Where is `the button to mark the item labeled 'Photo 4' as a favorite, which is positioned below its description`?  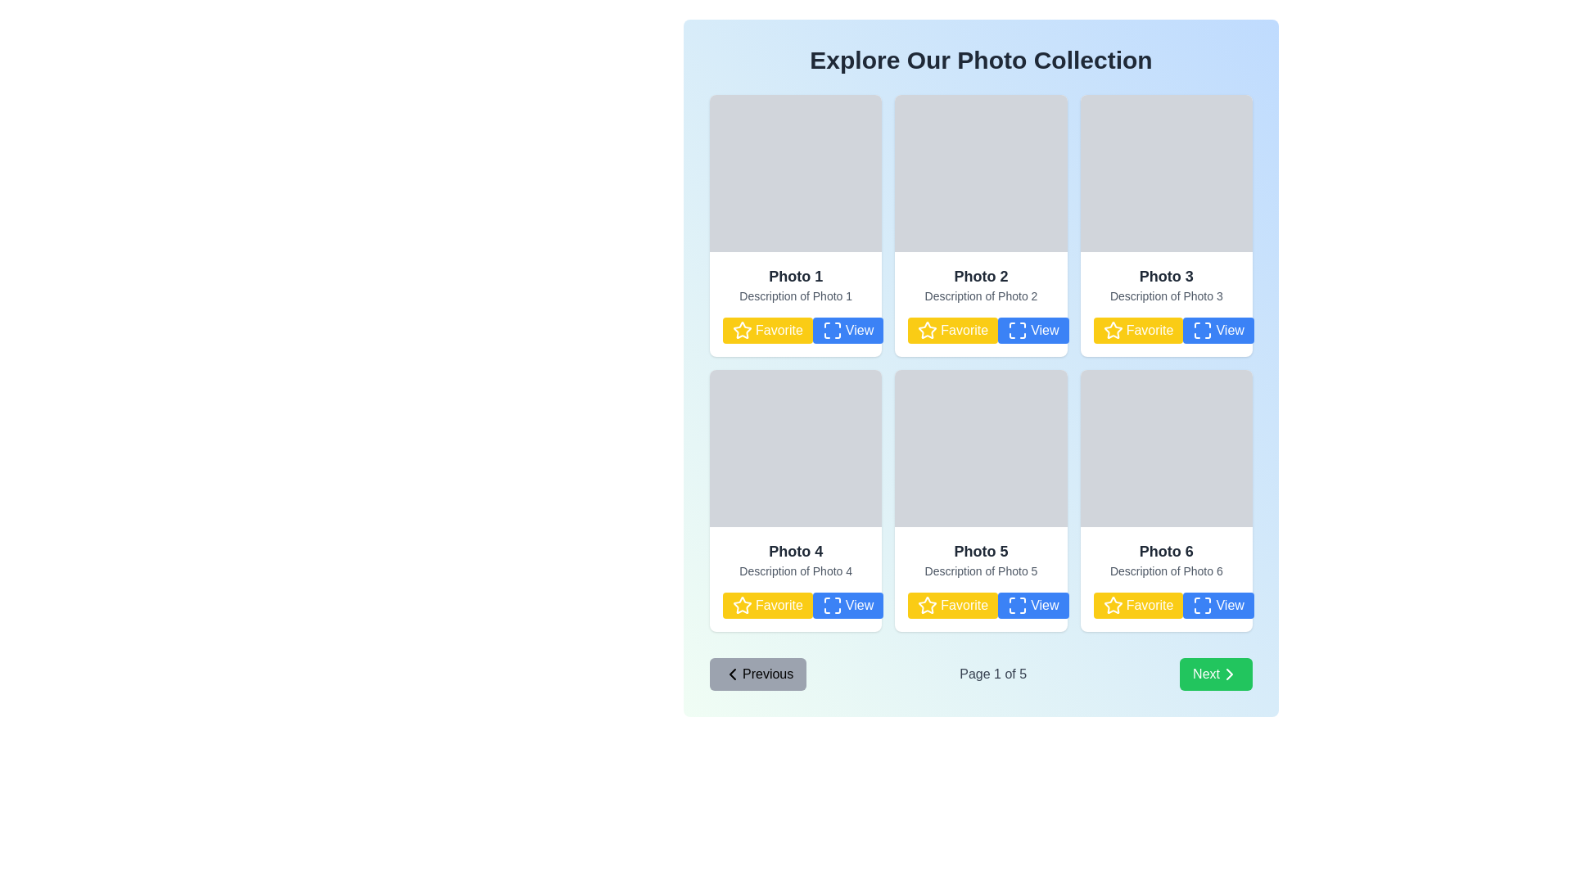
the button to mark the item labeled 'Photo 4' as a favorite, which is positioned below its description is located at coordinates (796, 606).